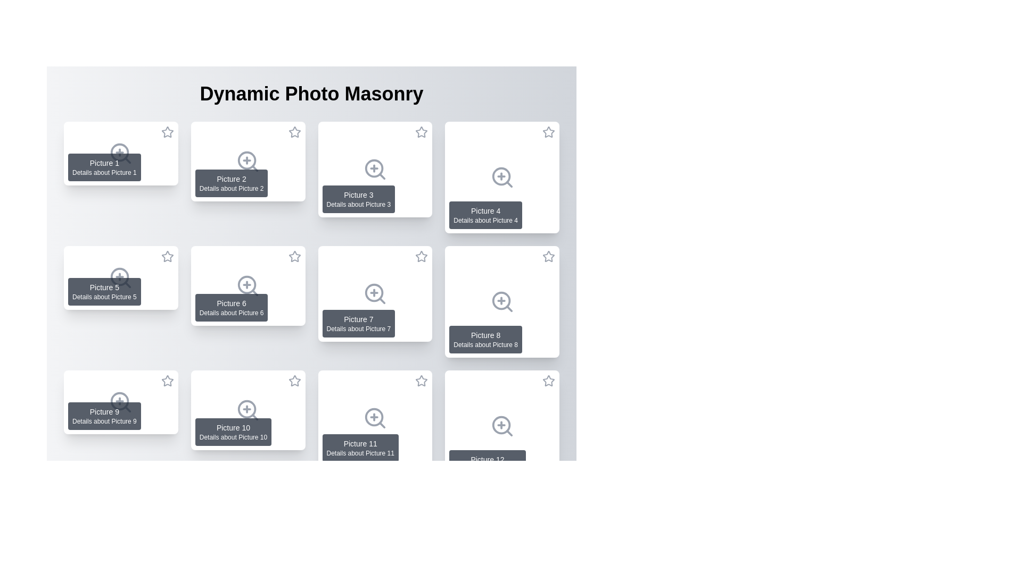 The image size is (1022, 574). I want to click on the bookmark icon button in the top-right corner of the card for 'Picture 5' to mark or unmark it as favorite, so click(167, 258).